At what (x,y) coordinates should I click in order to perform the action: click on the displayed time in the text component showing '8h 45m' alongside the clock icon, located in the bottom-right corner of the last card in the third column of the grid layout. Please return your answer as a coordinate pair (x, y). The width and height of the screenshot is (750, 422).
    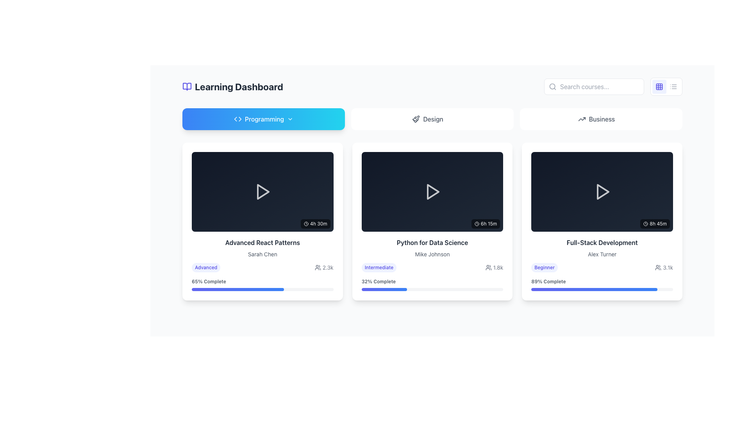
    Looking at the image, I should click on (655, 224).